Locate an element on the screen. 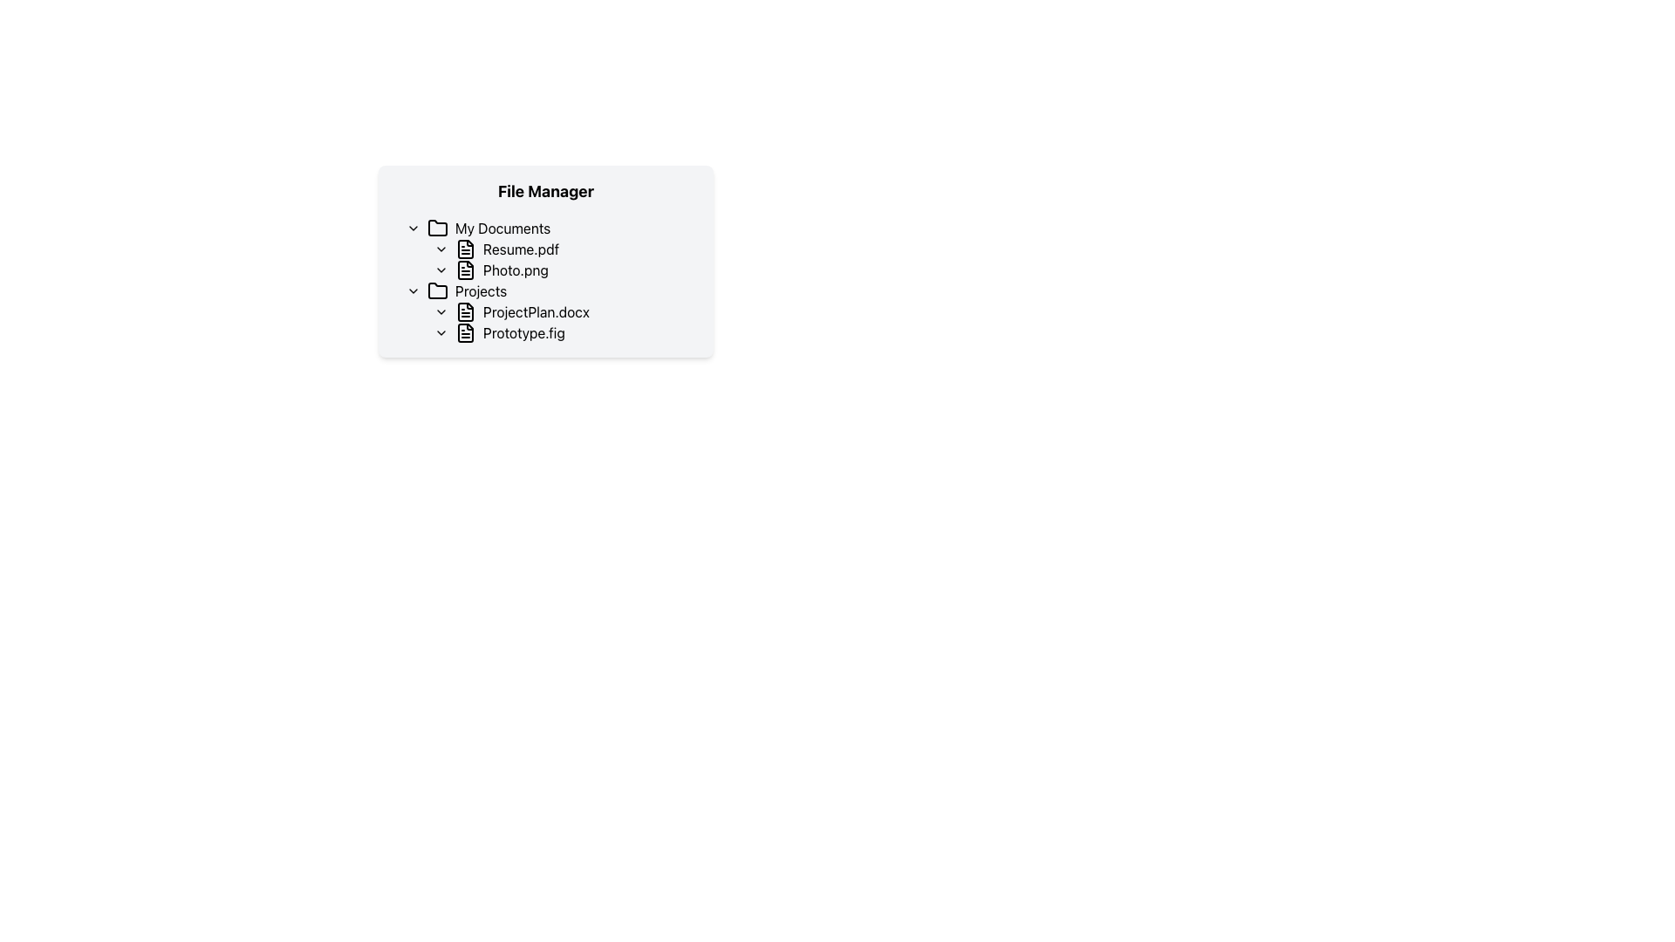 This screenshot has height=942, width=1675. the 'Prototype.fig' file entry, which is the second entry is located at coordinates (566, 332).